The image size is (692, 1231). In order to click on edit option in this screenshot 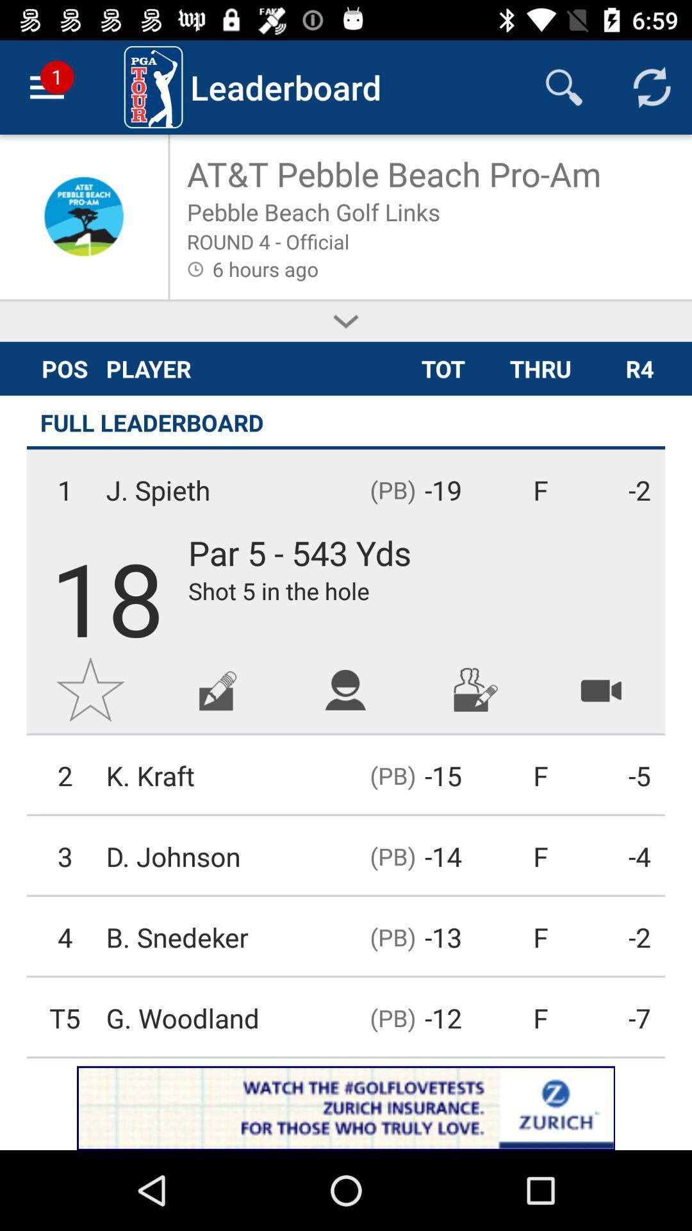, I will do `click(217, 689)`.